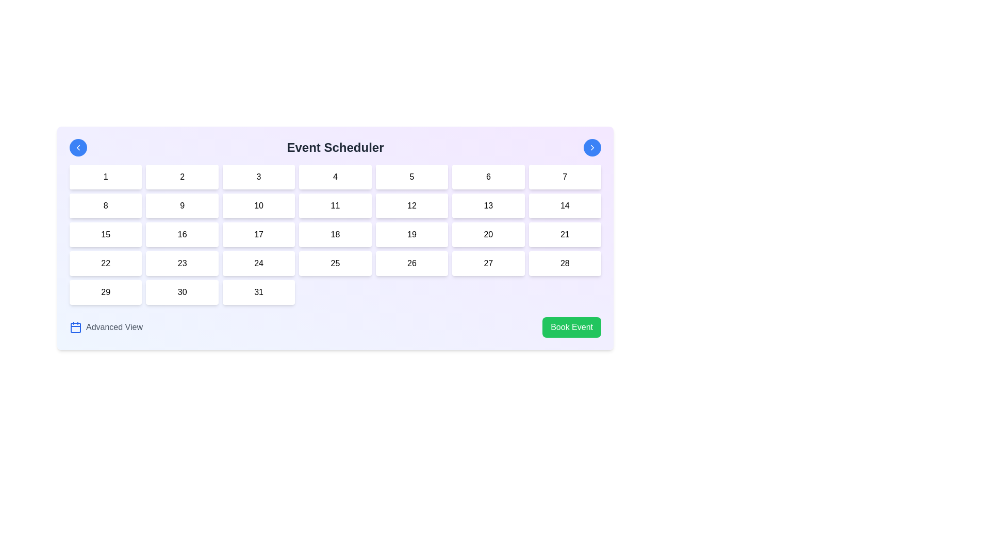 This screenshot has height=556, width=990. I want to click on the rectangular button with a white background and the numeral '1', located at the top-left corner of a 7-column grid layout, so click(106, 176).